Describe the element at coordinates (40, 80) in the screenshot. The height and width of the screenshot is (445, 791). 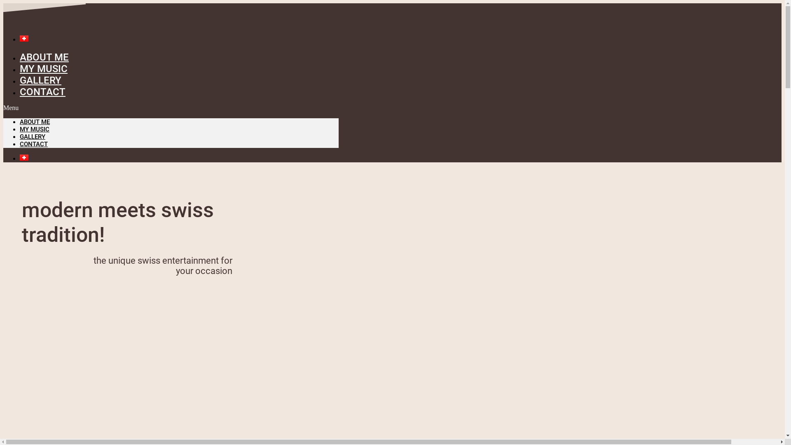
I see `'GALLERY'` at that location.